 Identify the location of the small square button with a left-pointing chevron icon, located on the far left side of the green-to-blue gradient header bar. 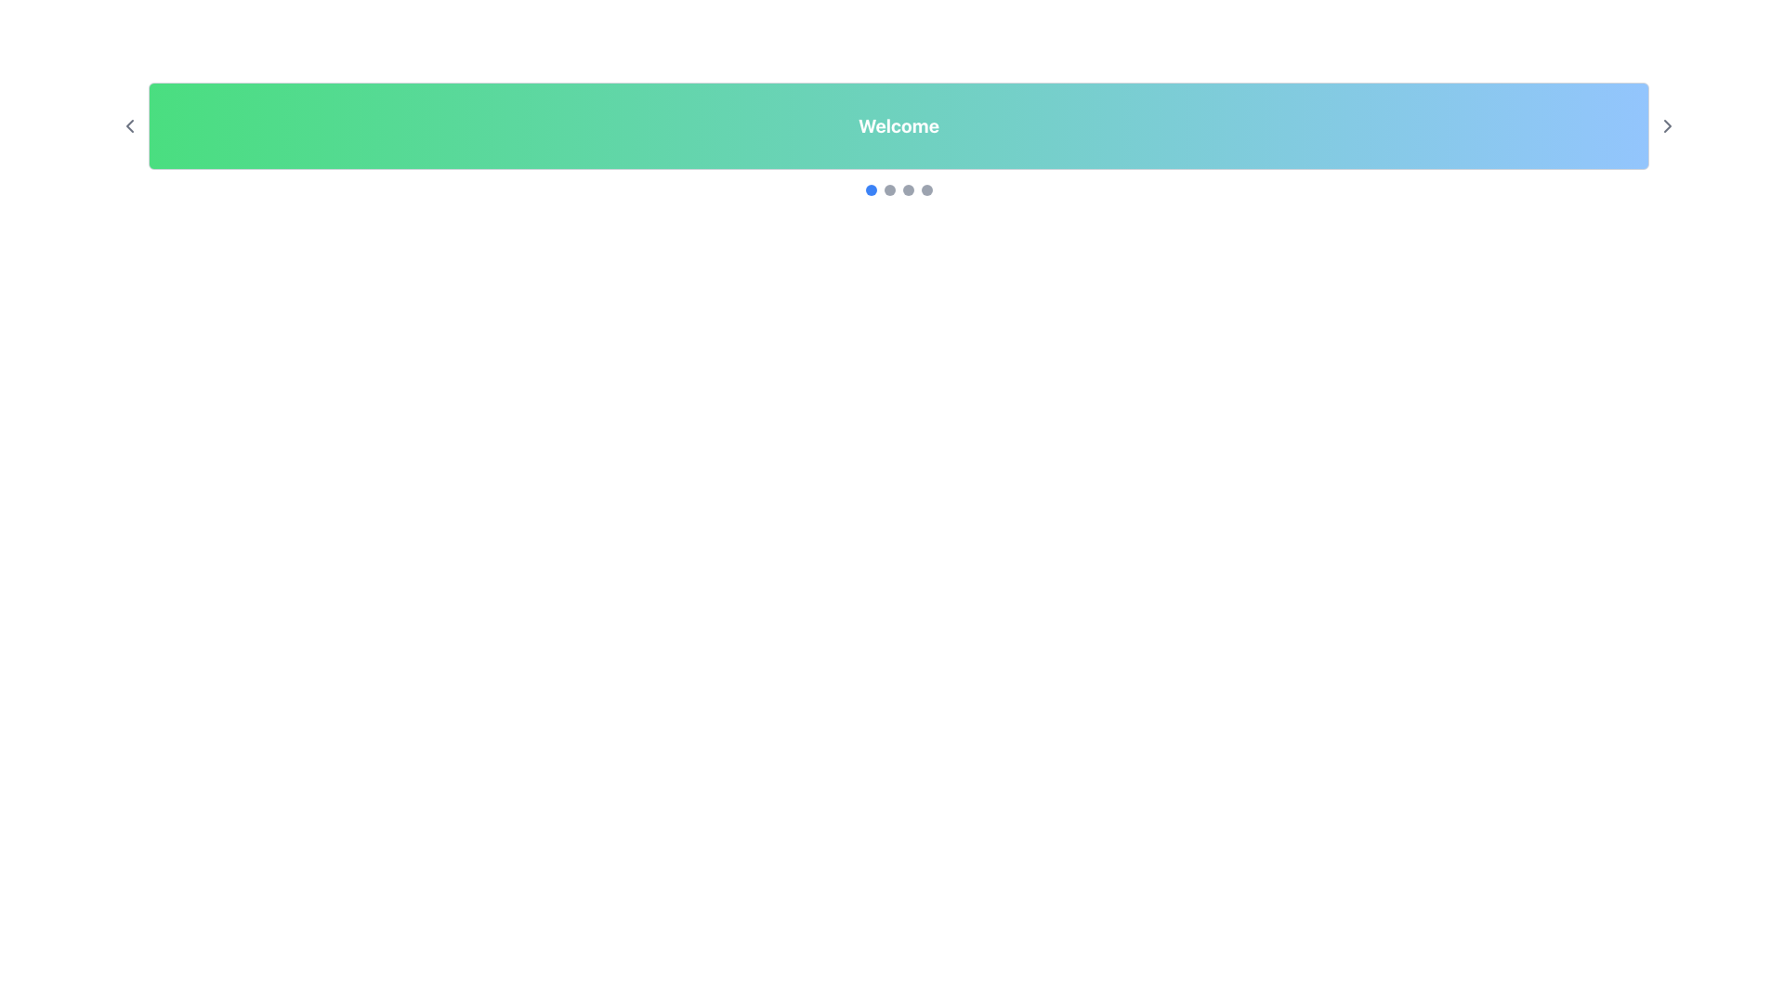
(128, 125).